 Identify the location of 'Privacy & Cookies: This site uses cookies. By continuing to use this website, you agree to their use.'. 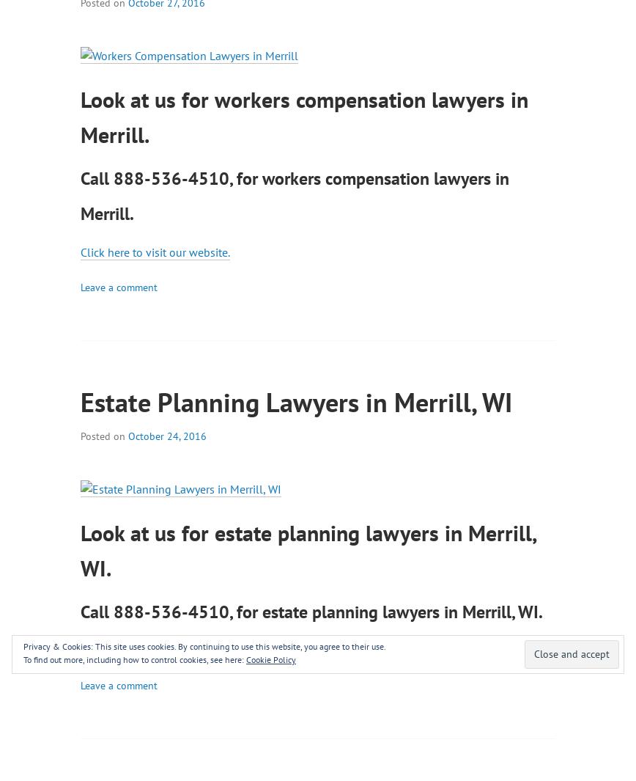
(204, 646).